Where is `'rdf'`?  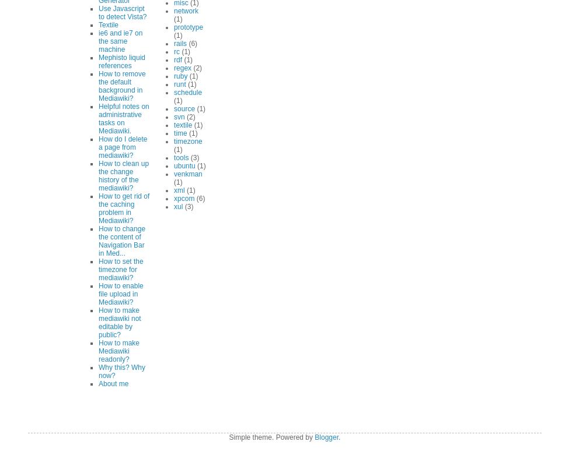 'rdf' is located at coordinates (177, 59).